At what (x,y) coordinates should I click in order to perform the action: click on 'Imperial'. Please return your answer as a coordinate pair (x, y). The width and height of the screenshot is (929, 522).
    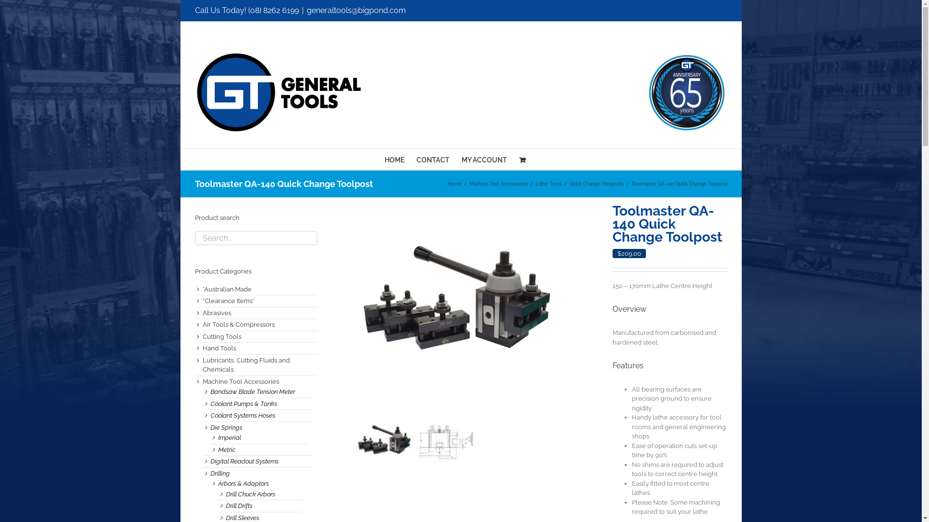
    Looking at the image, I should click on (228, 437).